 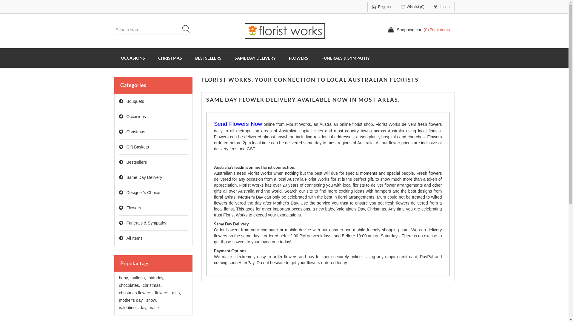 I want to click on 'Bouquets', so click(x=153, y=101).